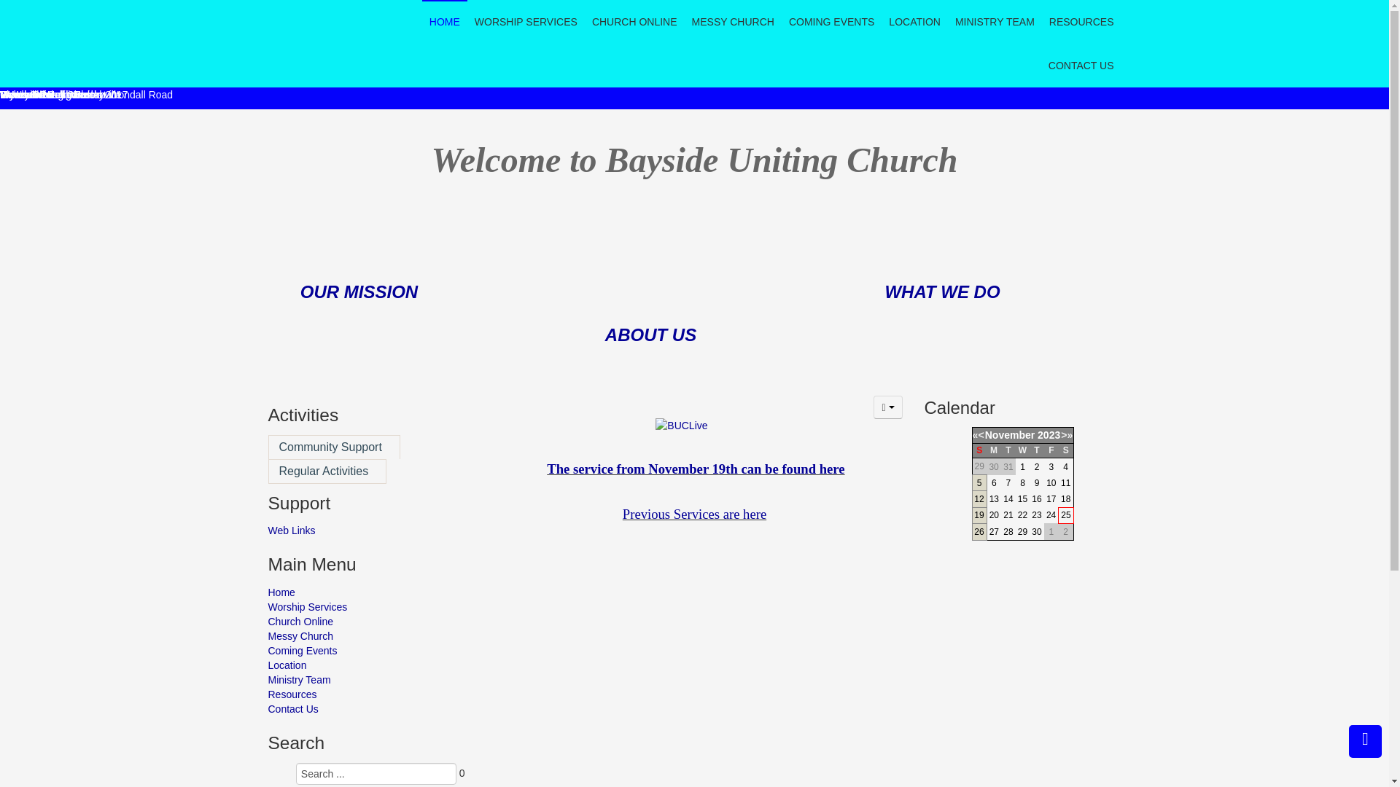 The image size is (1400, 787). I want to click on 'Community Support', so click(333, 446).